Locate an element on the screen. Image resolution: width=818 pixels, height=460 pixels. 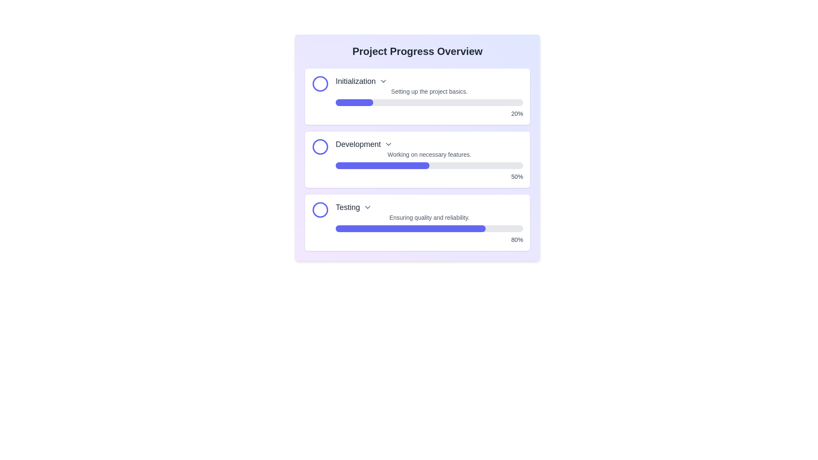
the dropdown indicator icon next to the 'Development' text is located at coordinates (388, 144).